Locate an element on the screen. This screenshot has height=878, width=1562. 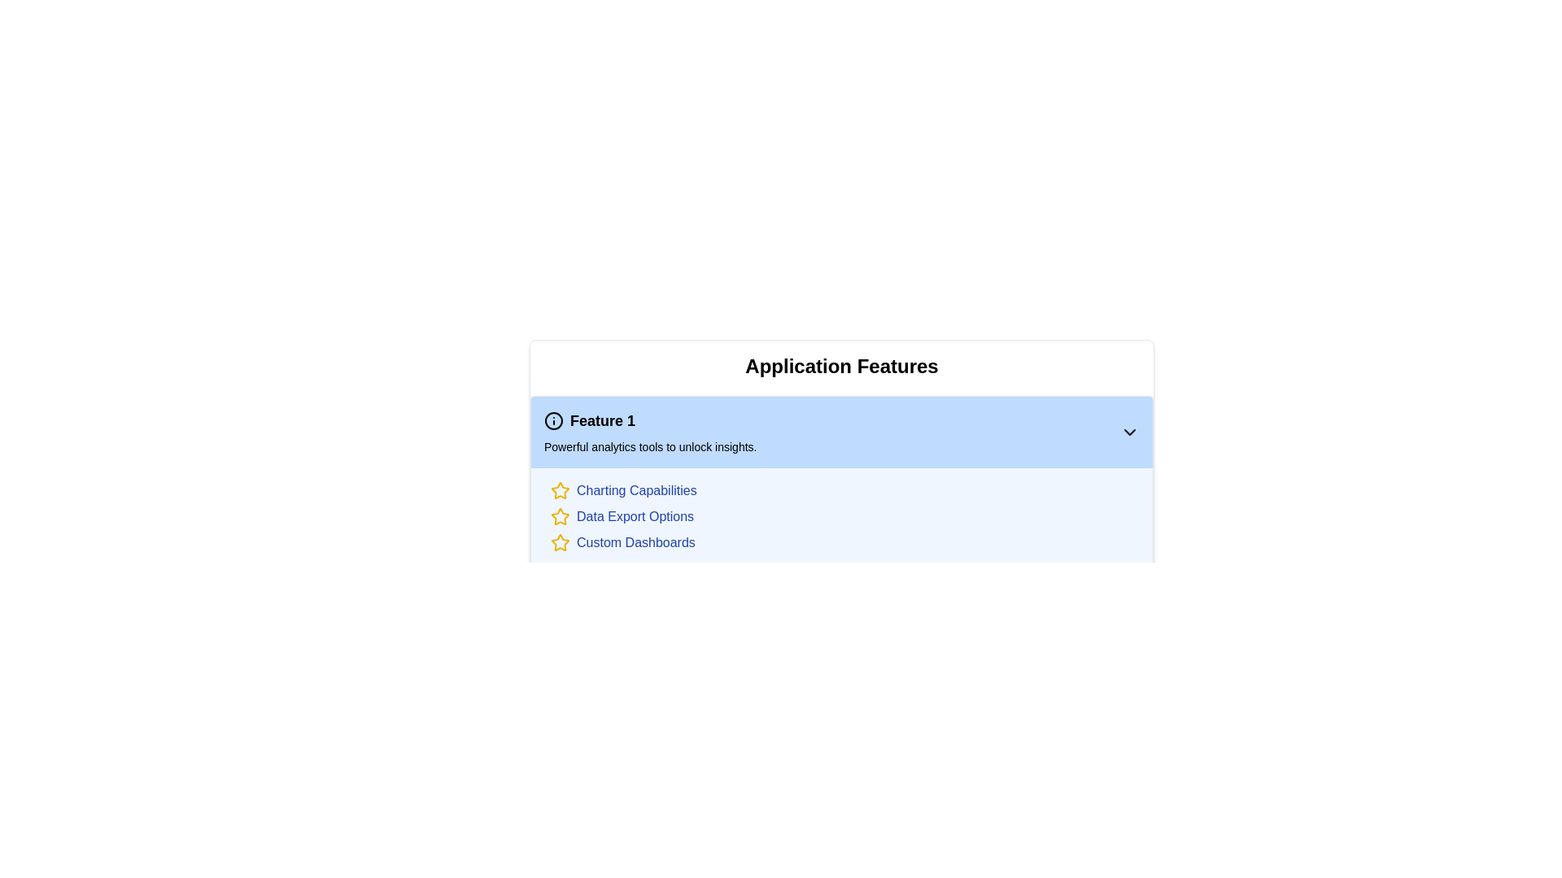
the star-shaped icon with a yellow fill and rounded edge outline, located to the left of the 'Data Export Options' text in the 'Application Features' section to interact with the feature it represents is located at coordinates (561, 517).